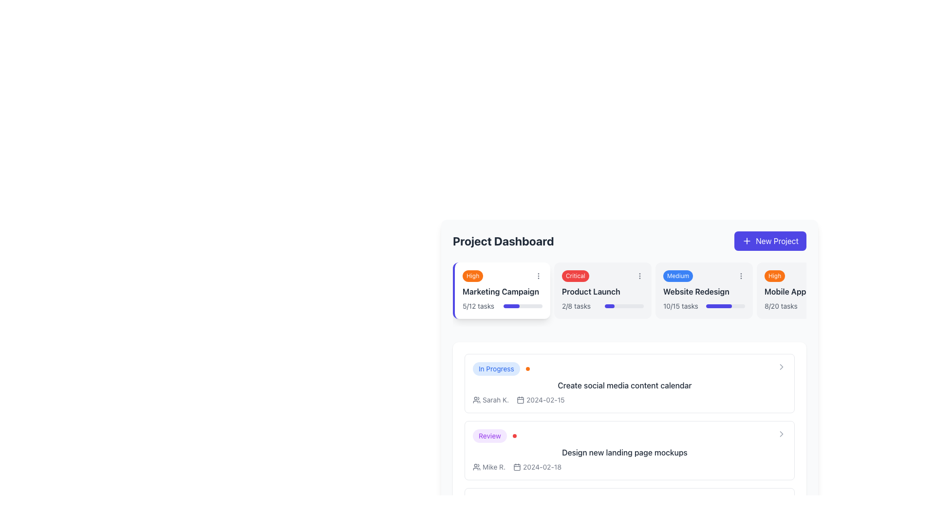 This screenshot has width=935, height=525. I want to click on status text from the Label indicating that the task 'Create social media content calendar' is currently in progress, located in the 'Project Dashboard' interface, to the left of a small orange circular indicator, so click(496, 369).